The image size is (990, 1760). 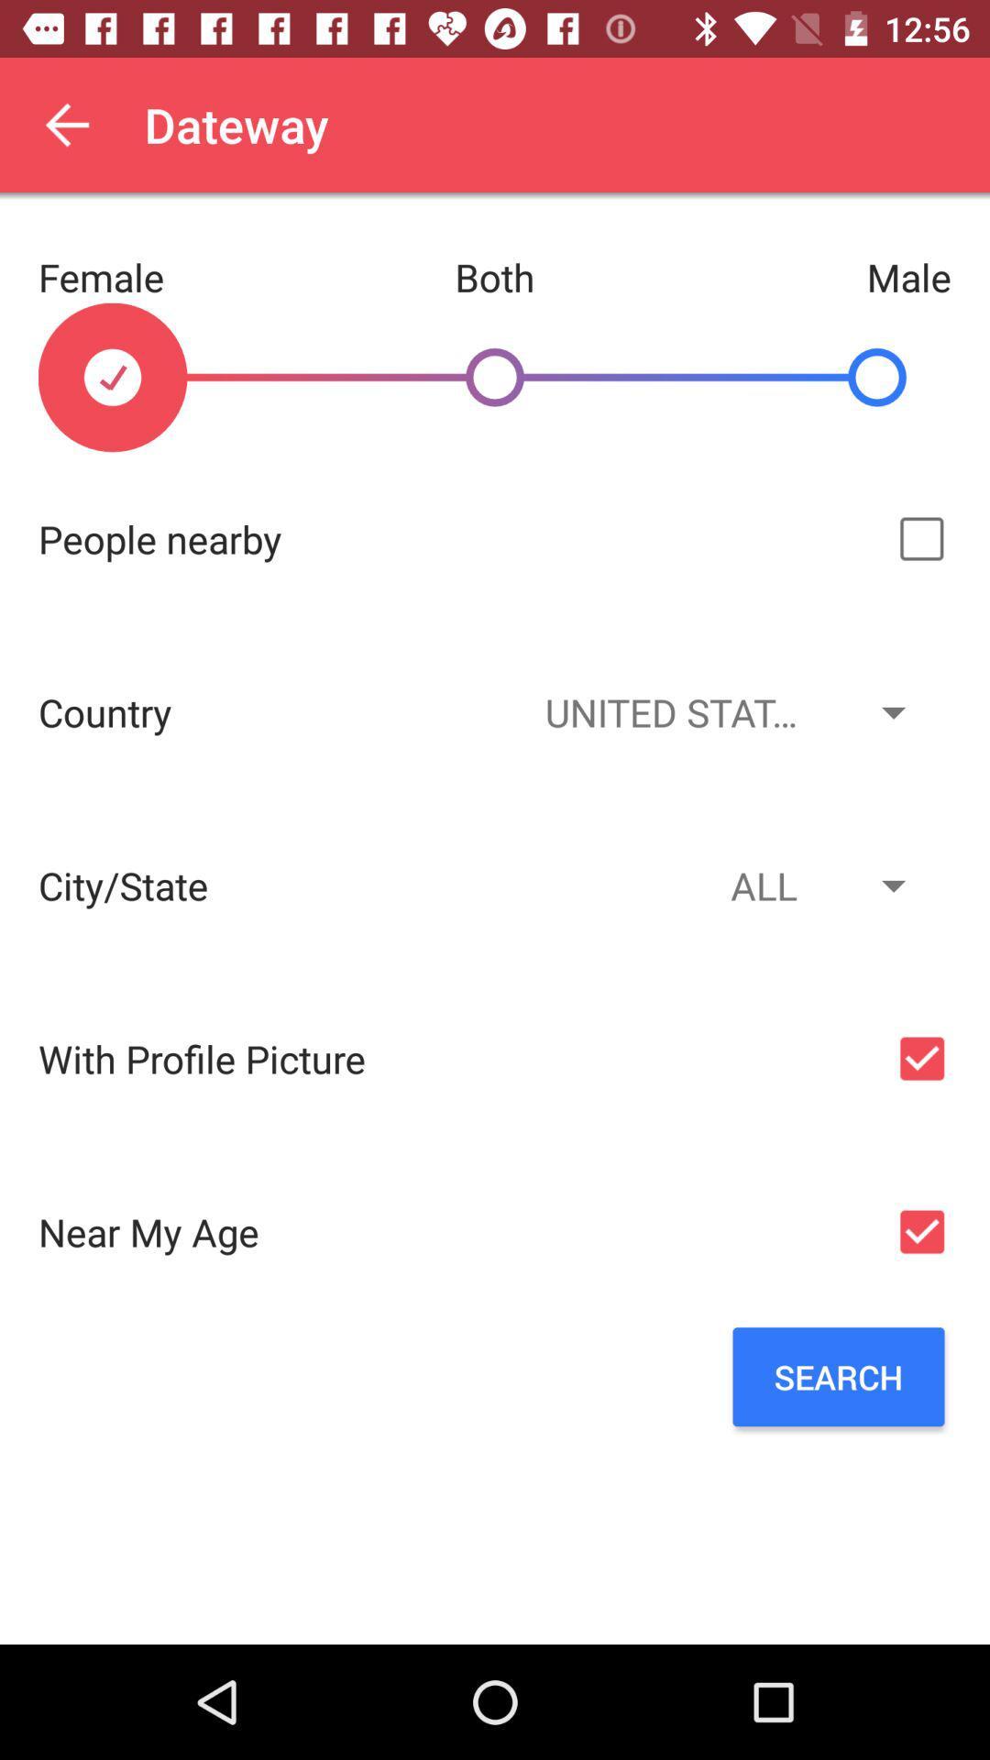 I want to click on the check box right to with profile picture, so click(x=922, y=1059).